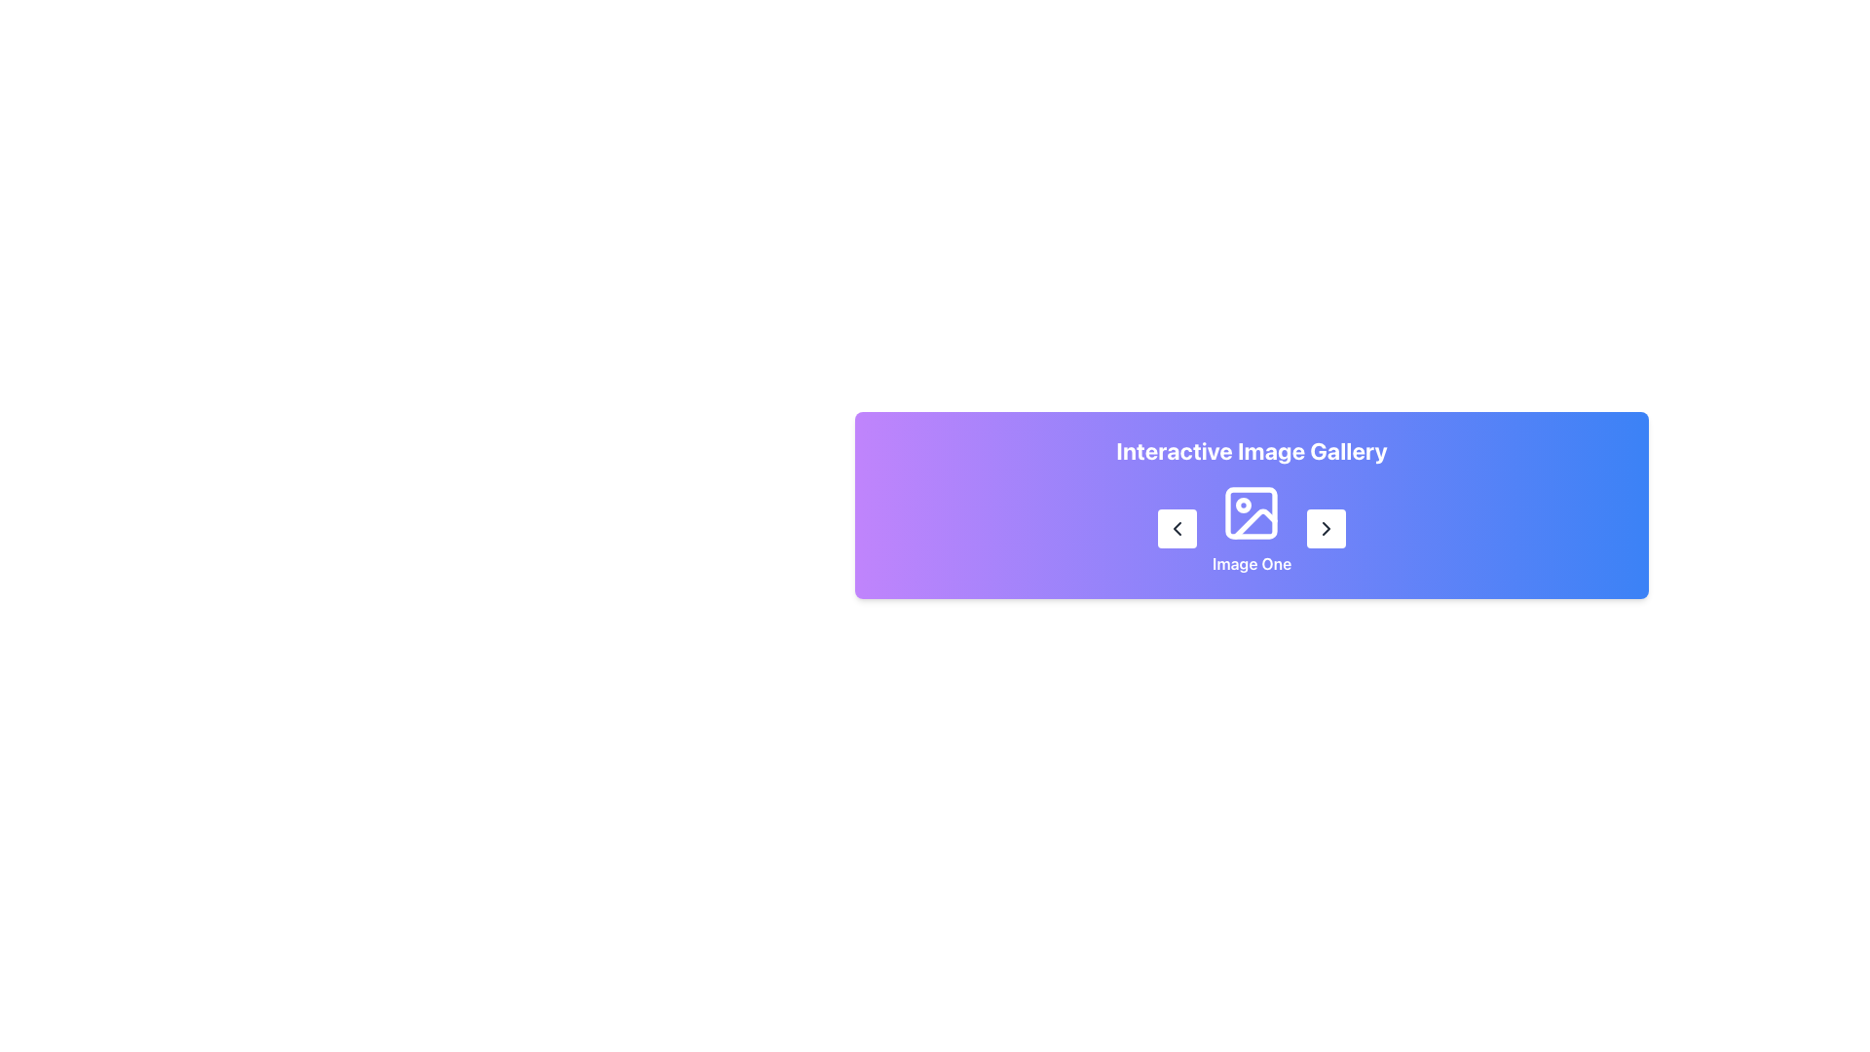 The width and height of the screenshot is (1870, 1052). What do you see at coordinates (1252, 512) in the screenshot?
I see `the minimalist picture representation icon in the Interactive Image Gallery, which is centrally aligned above the text 'Image One'` at bounding box center [1252, 512].